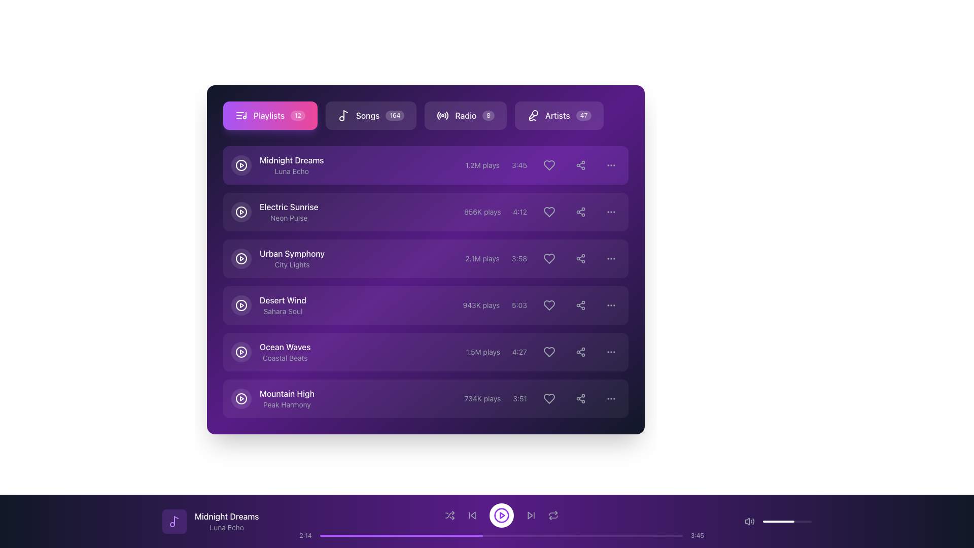 The height and width of the screenshot is (548, 974). Describe the element at coordinates (531, 115) in the screenshot. I see `the Artists button, which includes the vector graphic icon` at that location.